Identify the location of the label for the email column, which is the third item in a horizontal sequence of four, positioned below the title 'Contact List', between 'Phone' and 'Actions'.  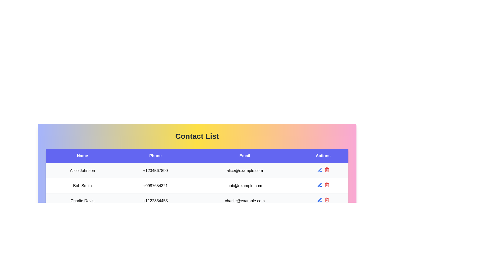
(245, 156).